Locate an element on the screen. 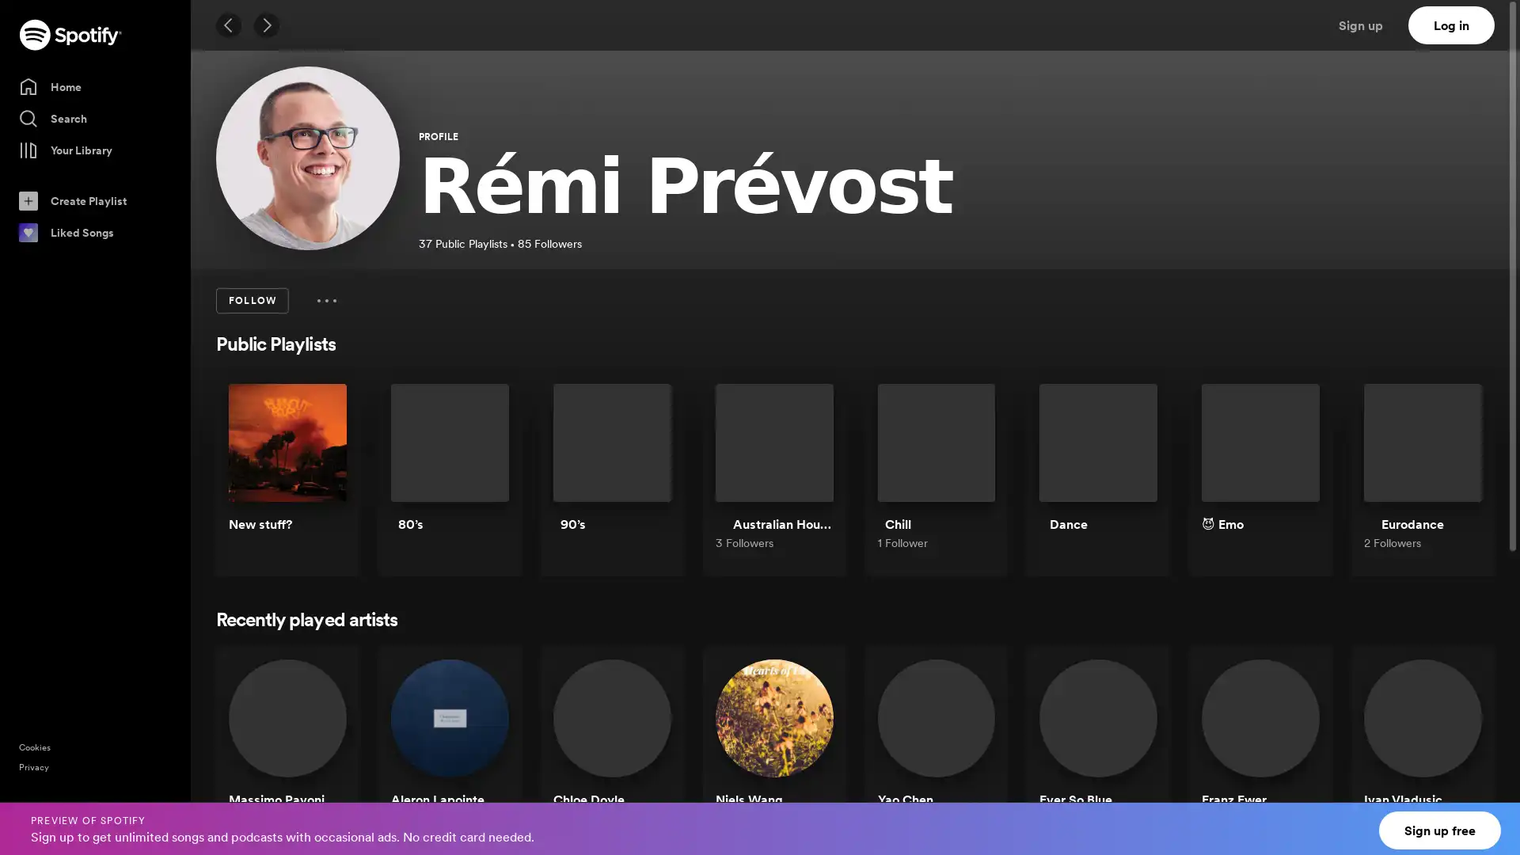  Play Massimo Pavoni is located at coordinates (319, 756).